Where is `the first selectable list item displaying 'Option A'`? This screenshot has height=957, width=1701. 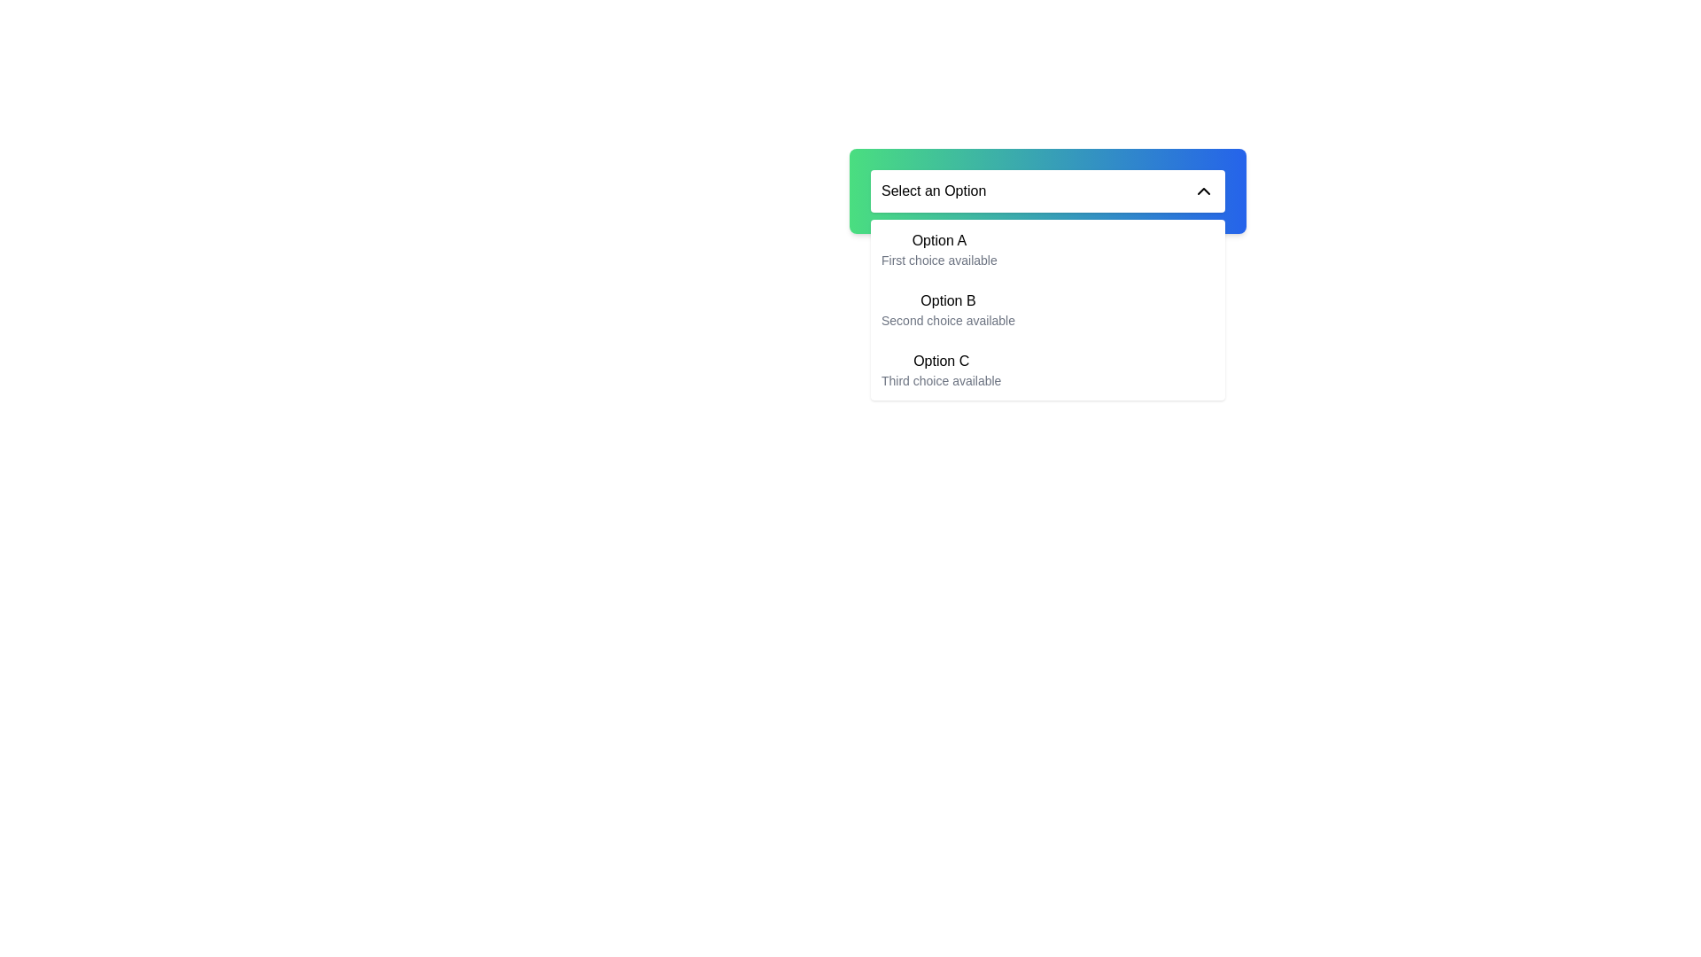 the first selectable list item displaying 'Option A' is located at coordinates (938, 249).